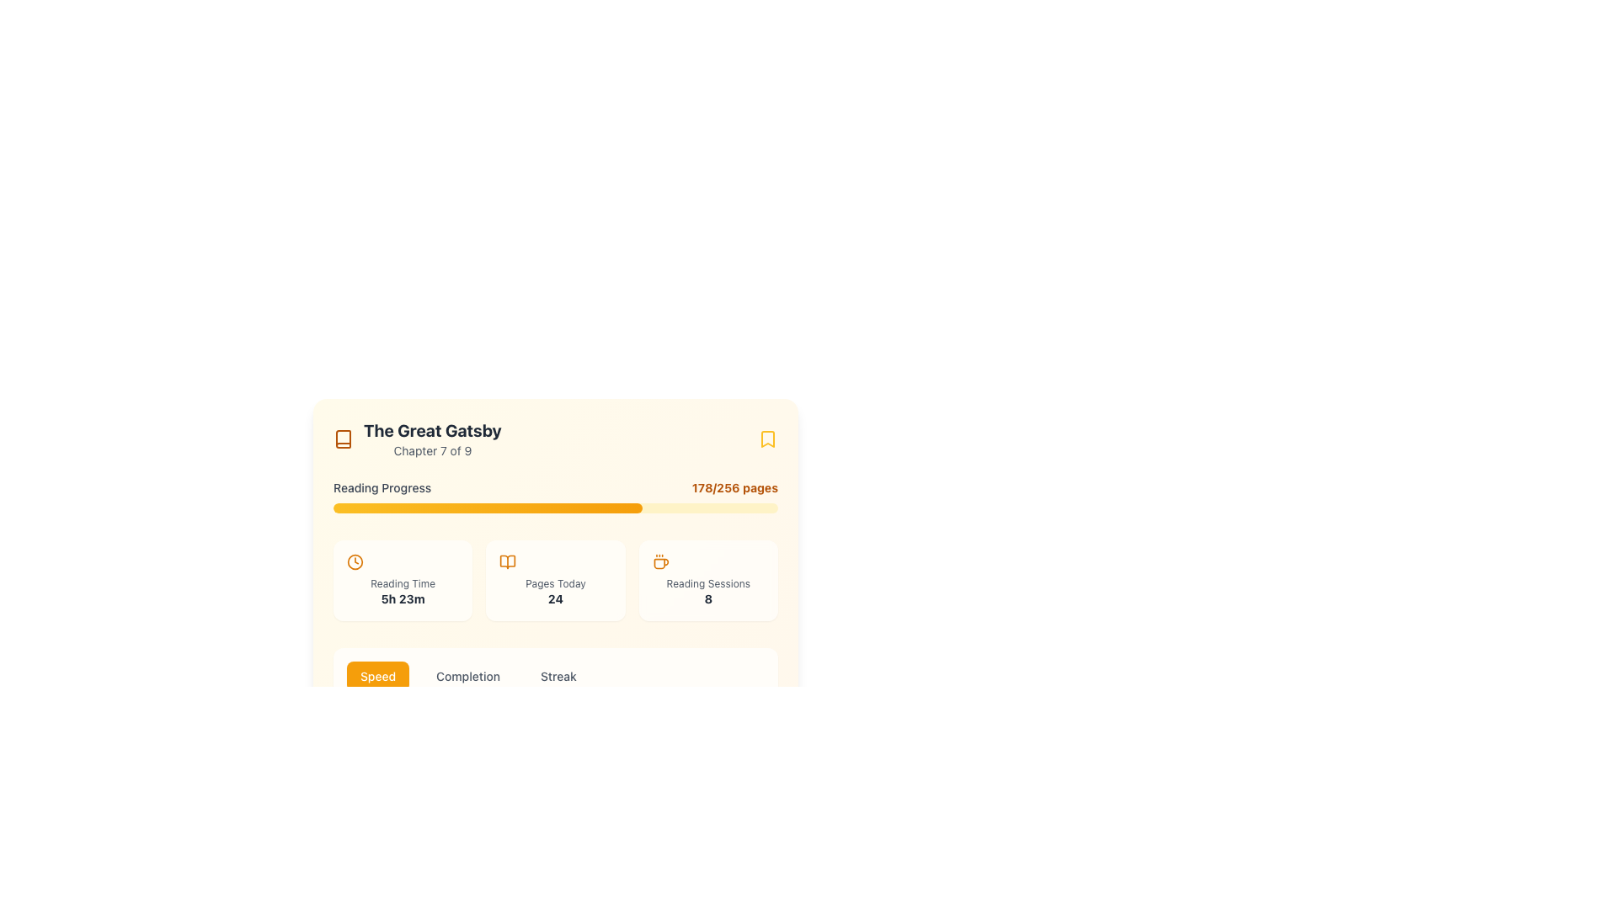 This screenshot has width=1617, height=909. Describe the element at coordinates (708, 580) in the screenshot. I see `the Information Card that summarizes the number of reading sessions completed, located as the third card in a horizontal grid layout` at that location.